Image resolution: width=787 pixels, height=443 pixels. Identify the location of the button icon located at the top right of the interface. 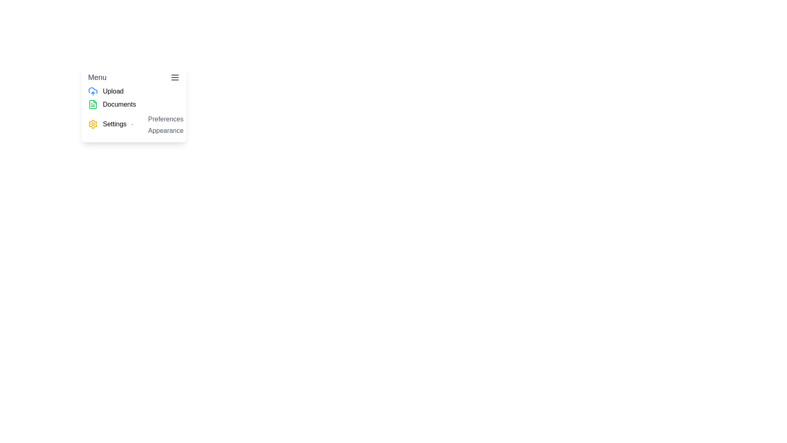
(175, 78).